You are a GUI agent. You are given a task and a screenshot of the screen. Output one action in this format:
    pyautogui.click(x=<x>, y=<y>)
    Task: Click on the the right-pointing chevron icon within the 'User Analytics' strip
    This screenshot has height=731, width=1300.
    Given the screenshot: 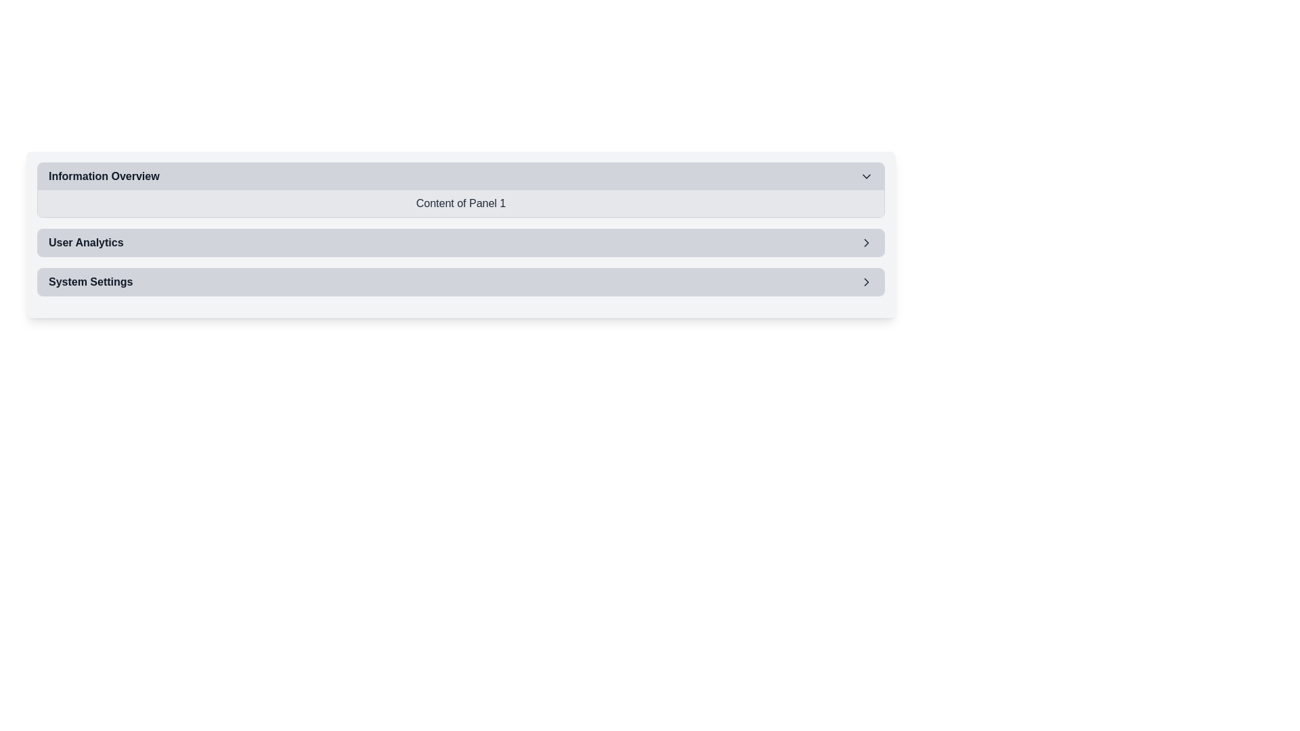 What is the action you would take?
    pyautogui.click(x=867, y=242)
    